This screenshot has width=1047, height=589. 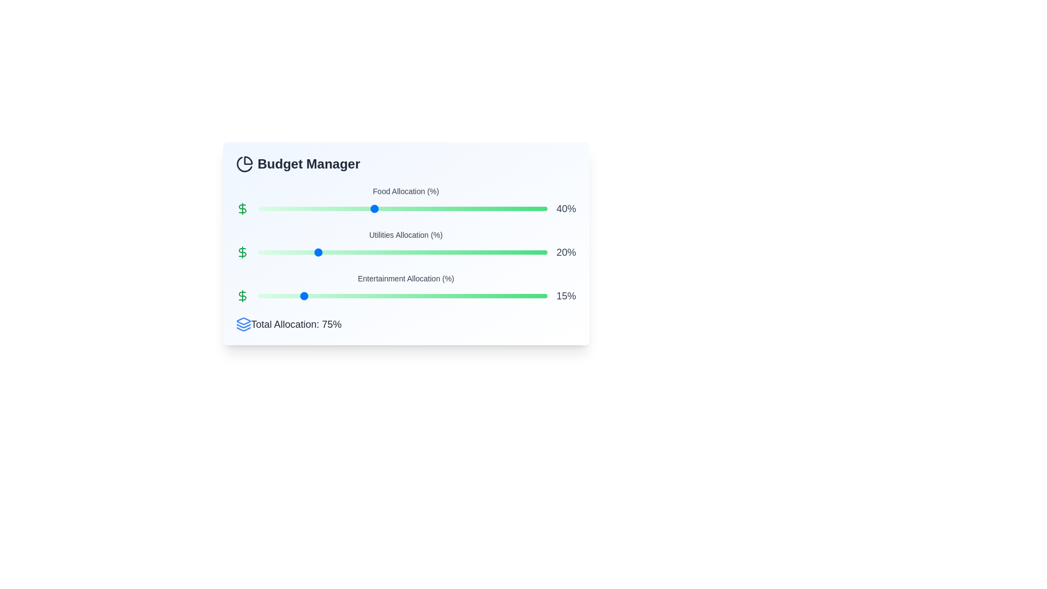 I want to click on the Food Allocation slider to 59%, so click(x=428, y=208).